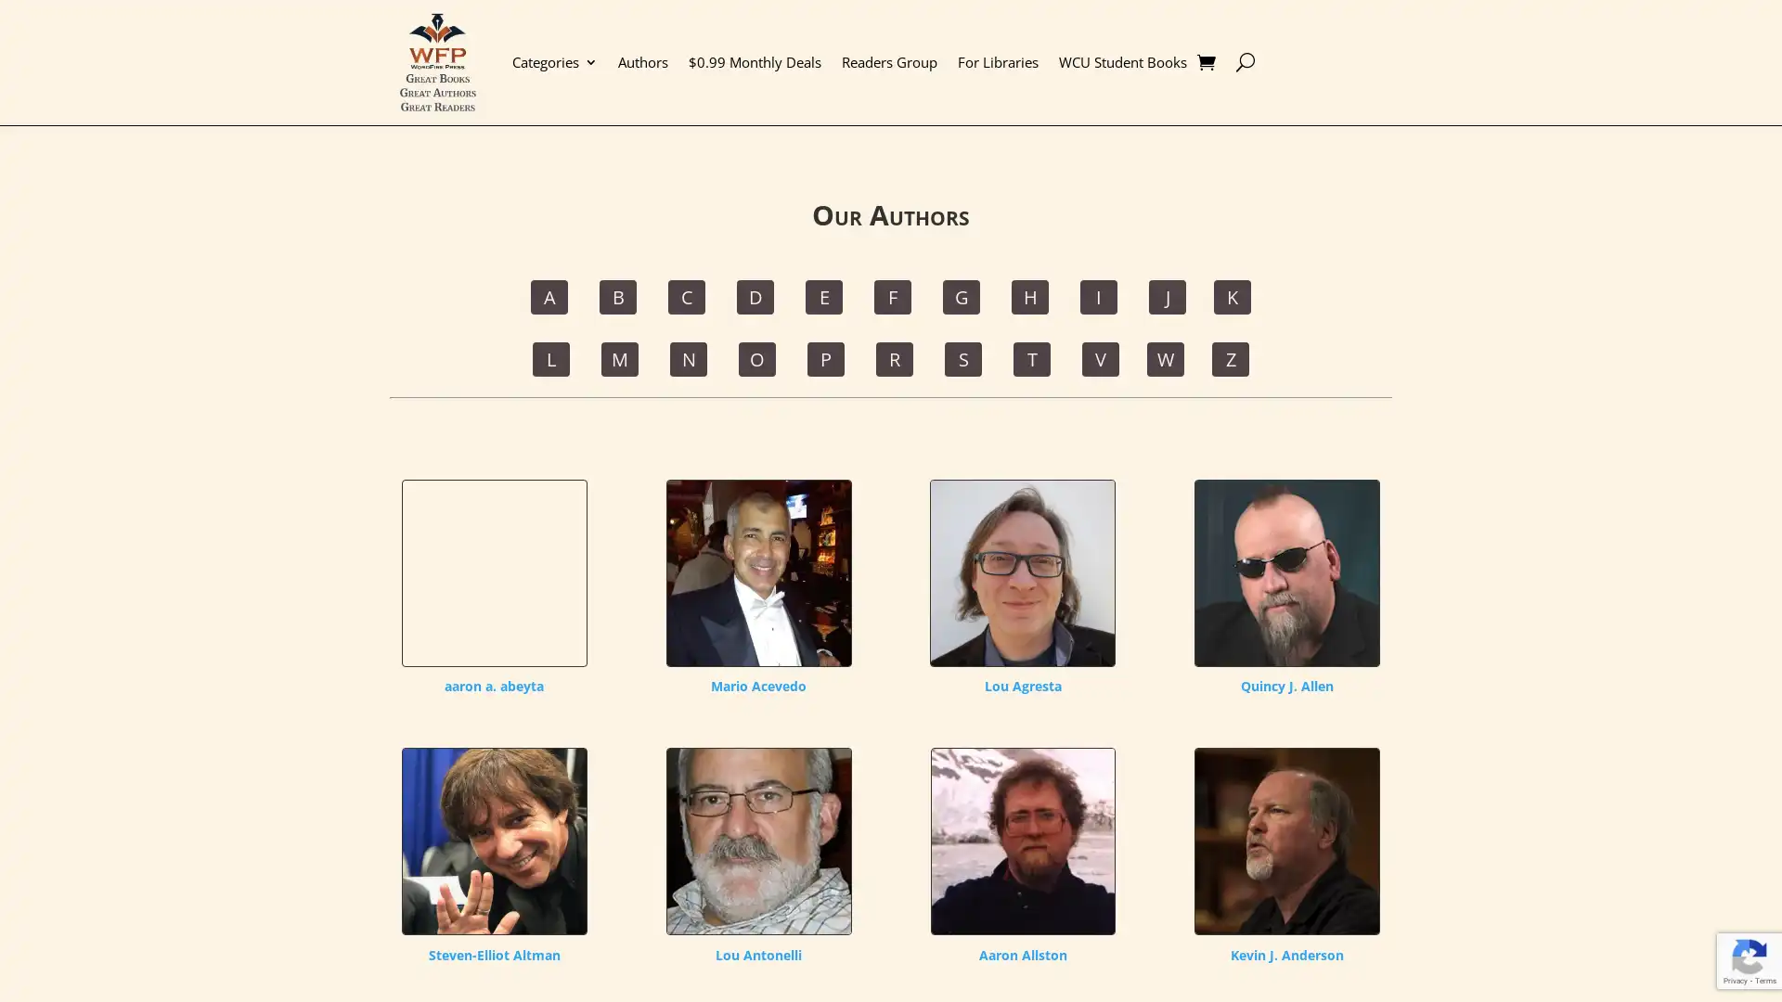 The height and width of the screenshot is (1002, 1782). What do you see at coordinates (1233, 295) in the screenshot?
I see `K` at bounding box center [1233, 295].